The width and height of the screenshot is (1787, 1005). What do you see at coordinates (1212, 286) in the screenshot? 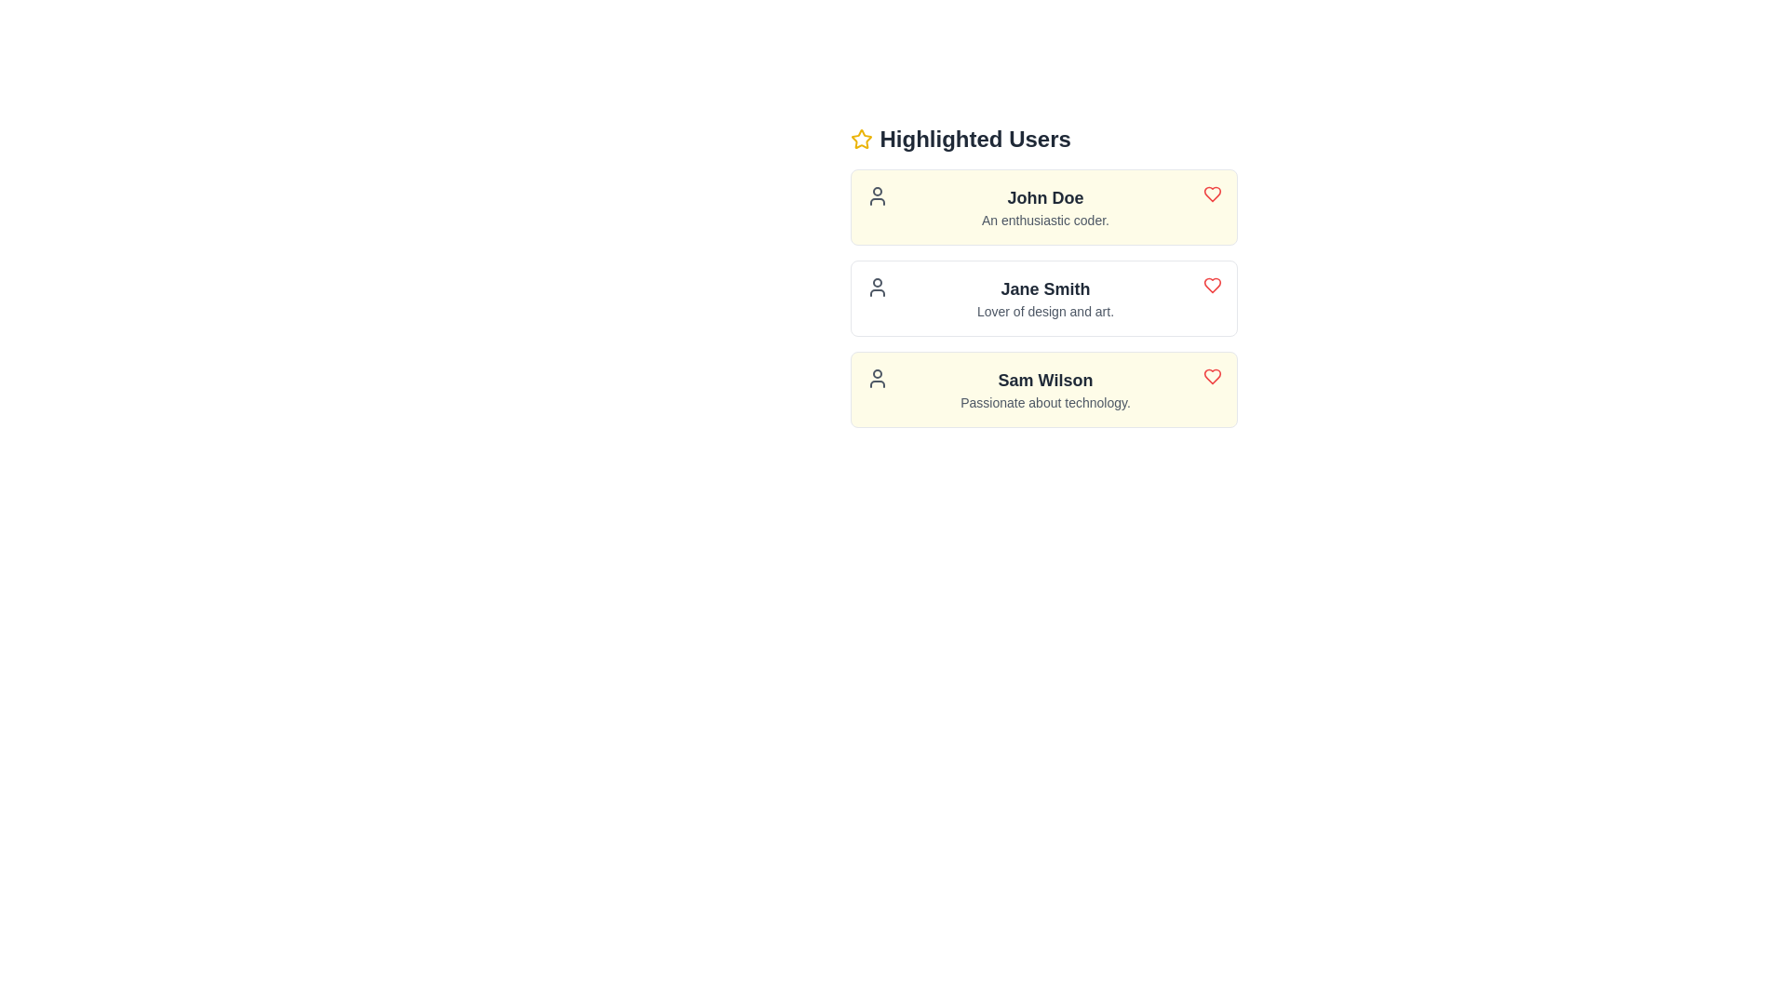
I see `the 'Heart' button for Jane Smith to toggle their favorite status` at bounding box center [1212, 286].